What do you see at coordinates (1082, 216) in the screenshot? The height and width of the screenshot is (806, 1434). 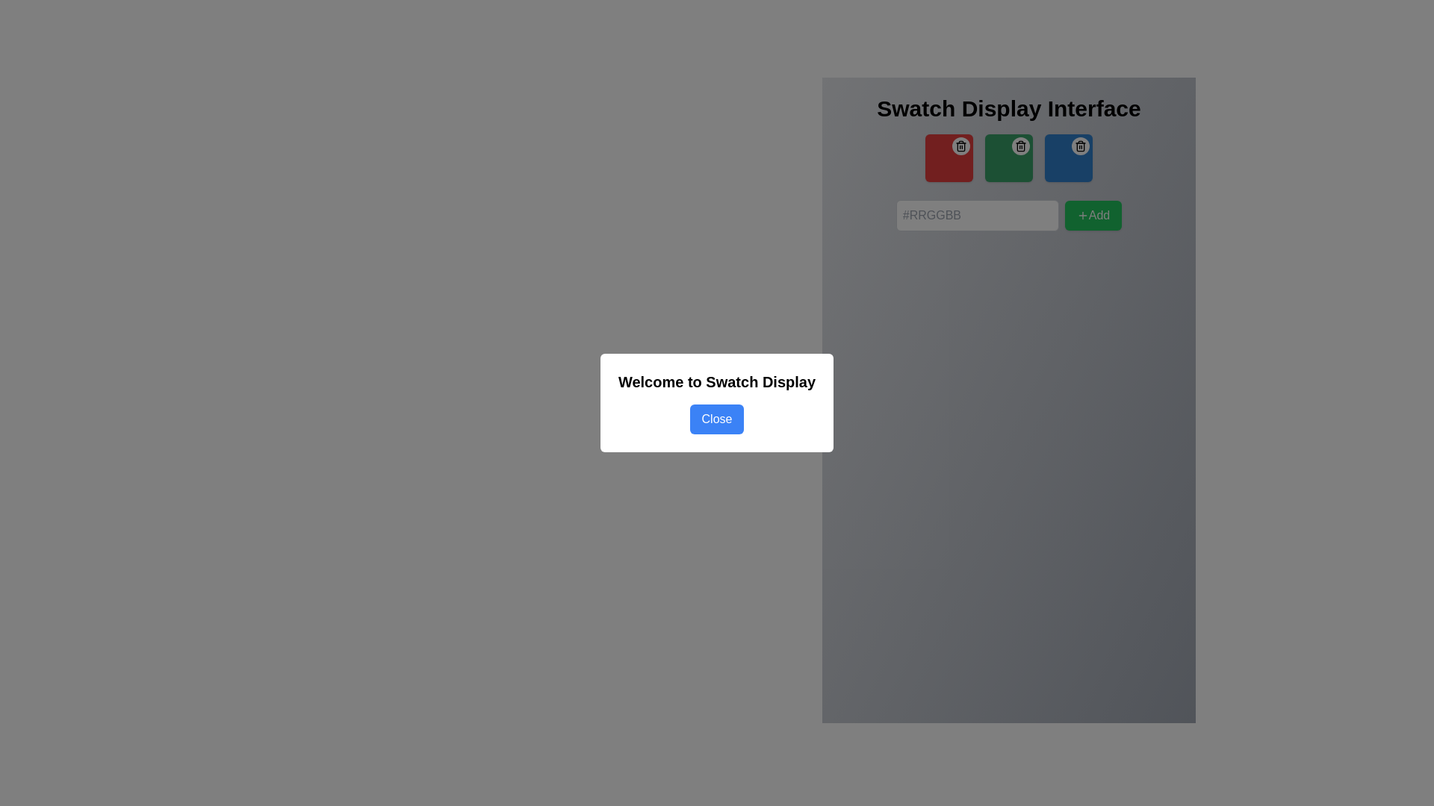 I see `the addition icon` at bounding box center [1082, 216].